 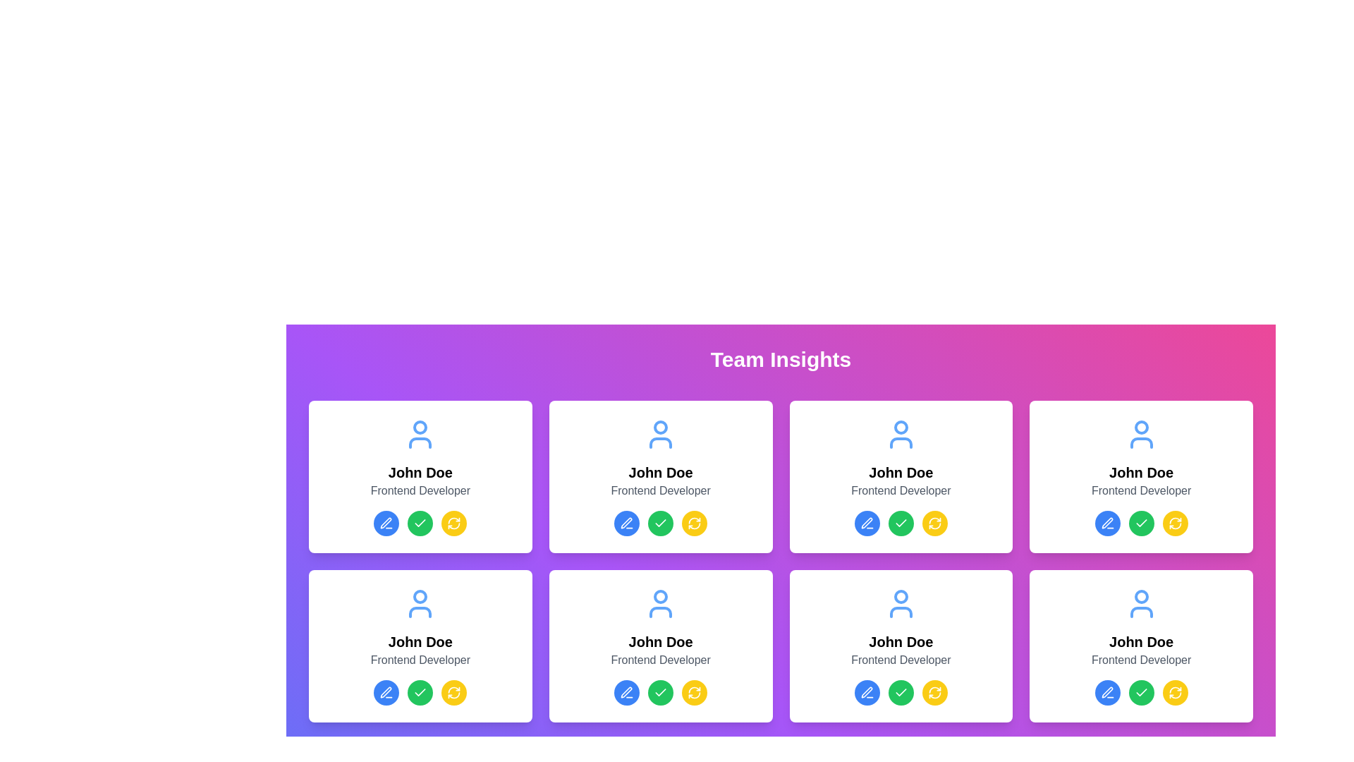 I want to click on the blue user silhouette icon located in the top row, third from the left of the card, centered above the text 'John Doe' and 'Frontend Developer', so click(x=900, y=434).